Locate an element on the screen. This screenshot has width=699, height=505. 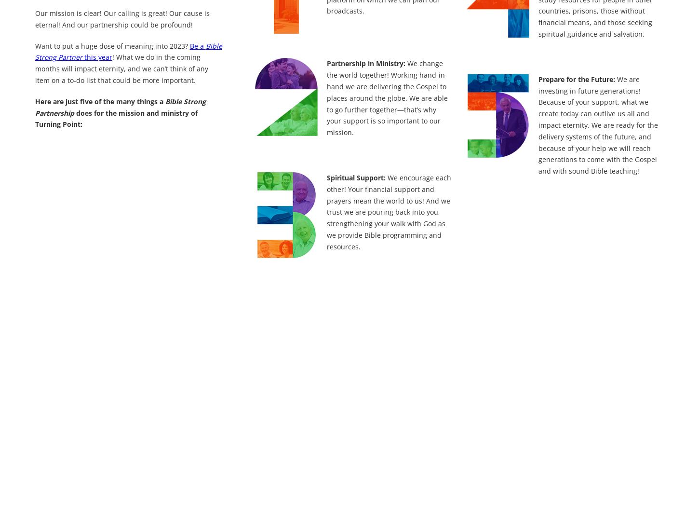
'Bible Strong Partnership' is located at coordinates (120, 106).